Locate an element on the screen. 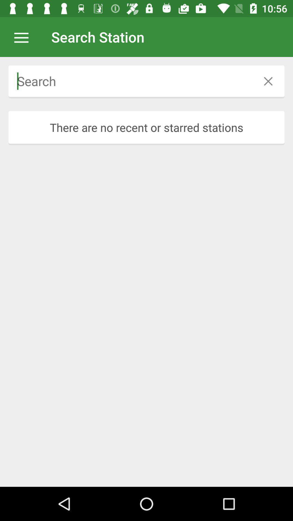 This screenshot has height=521, width=293. search option is located at coordinates (130, 81).